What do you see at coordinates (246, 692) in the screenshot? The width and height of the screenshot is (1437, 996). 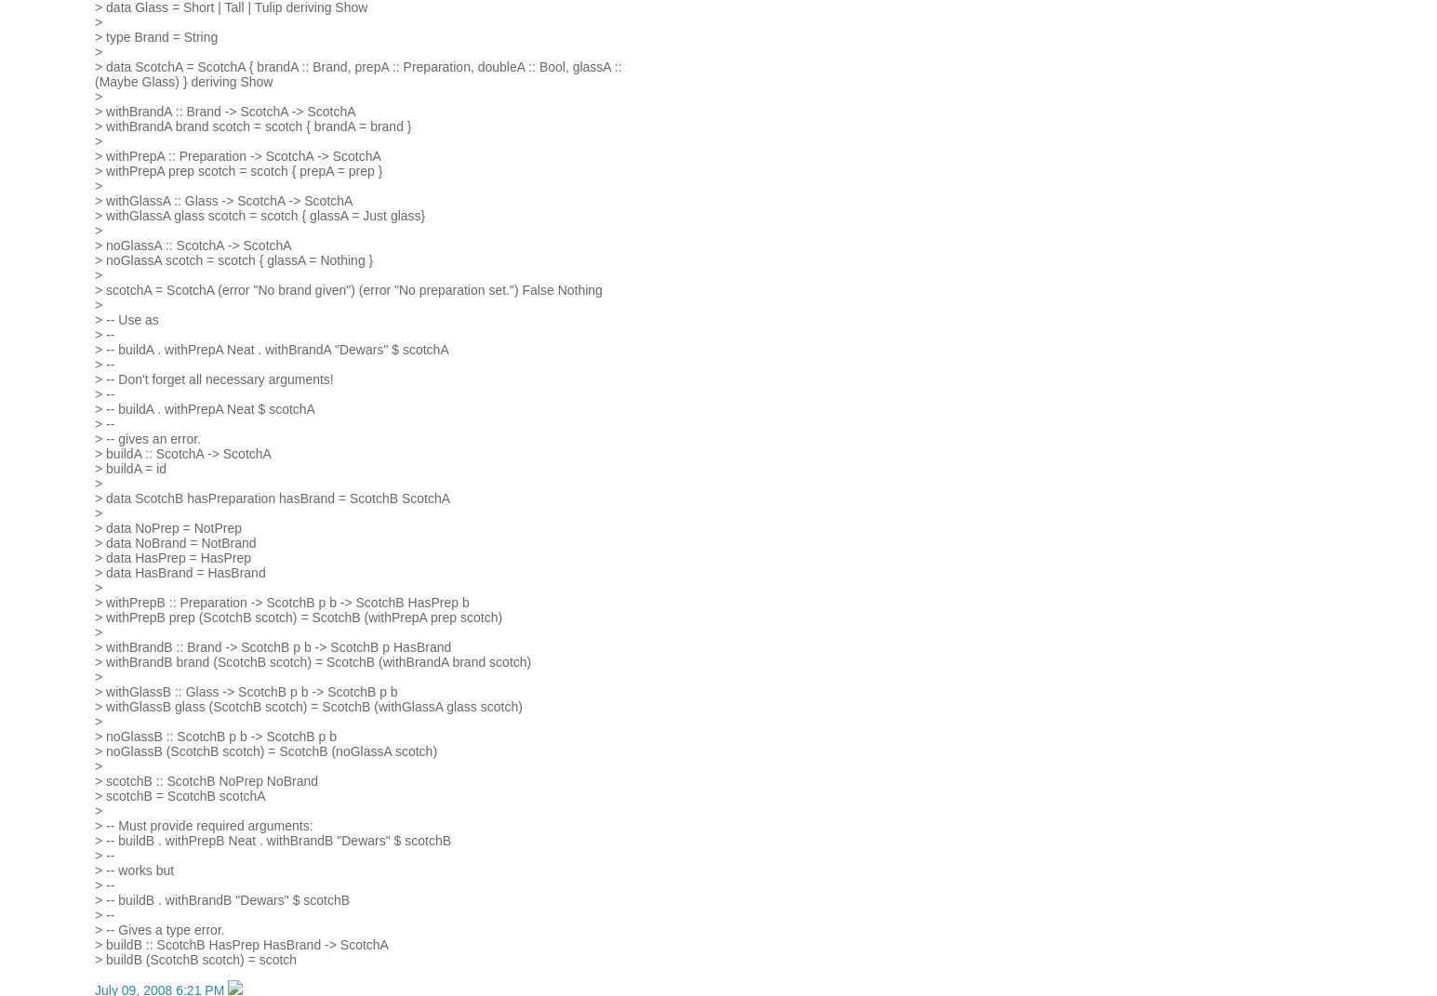 I see `'> withGlassB :: Glass -> ScotchB p b -> ScotchB p b'` at bounding box center [246, 692].